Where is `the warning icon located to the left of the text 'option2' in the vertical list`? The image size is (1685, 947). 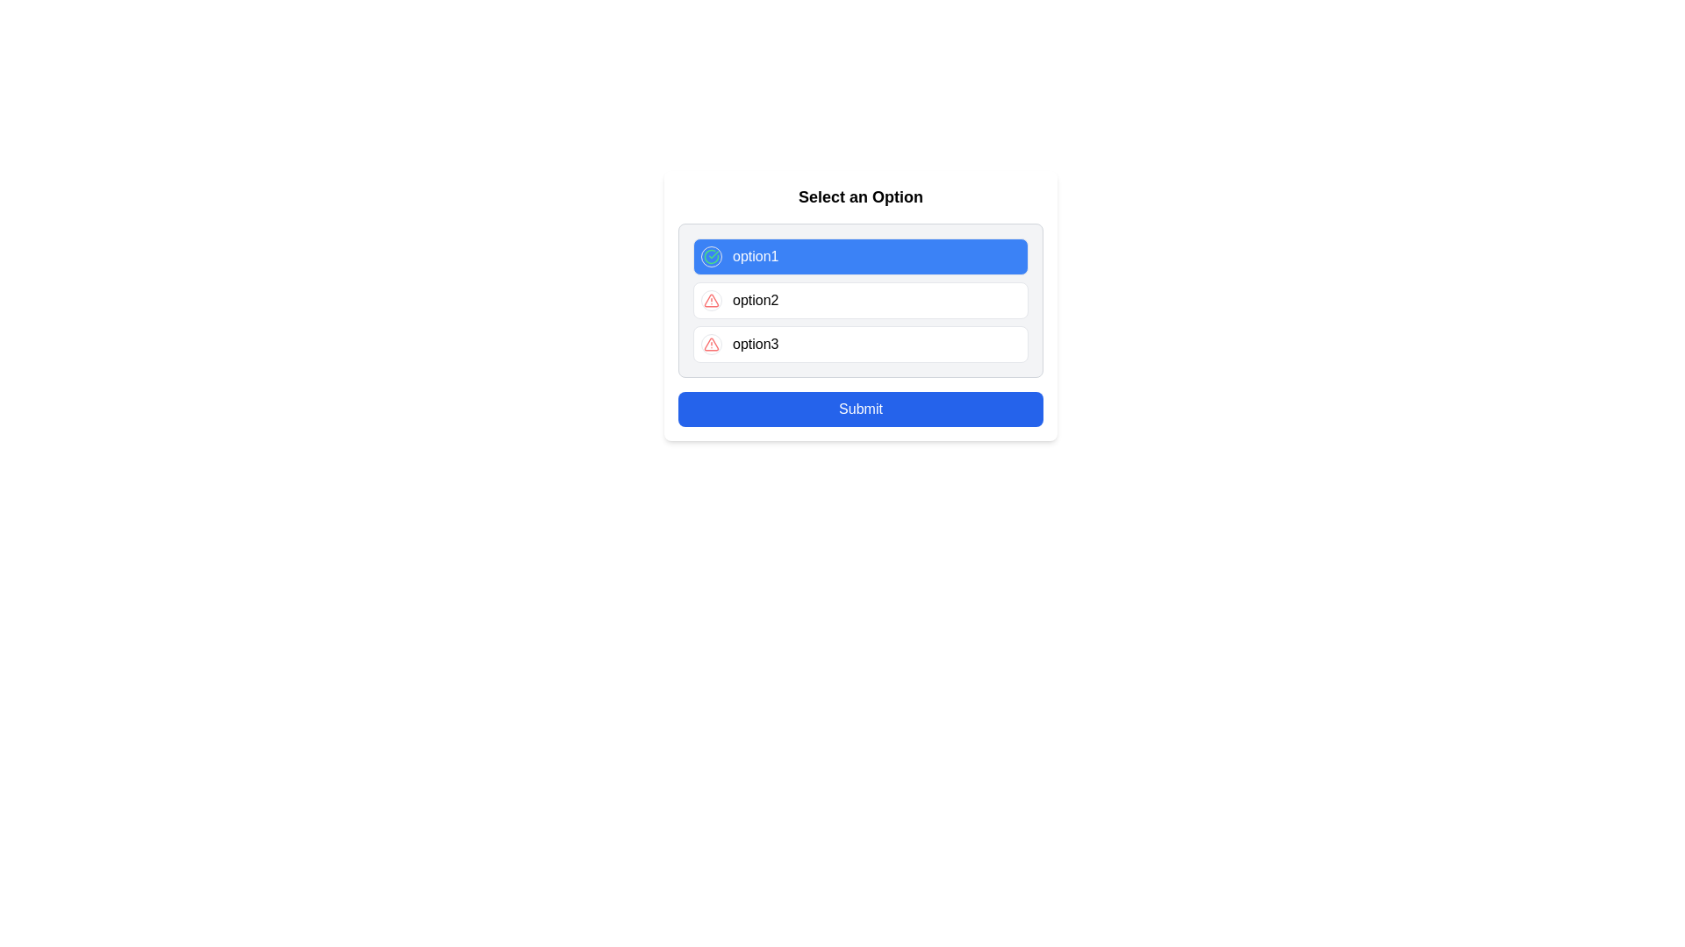
the warning icon located to the left of the text 'option2' in the vertical list is located at coordinates (712, 345).